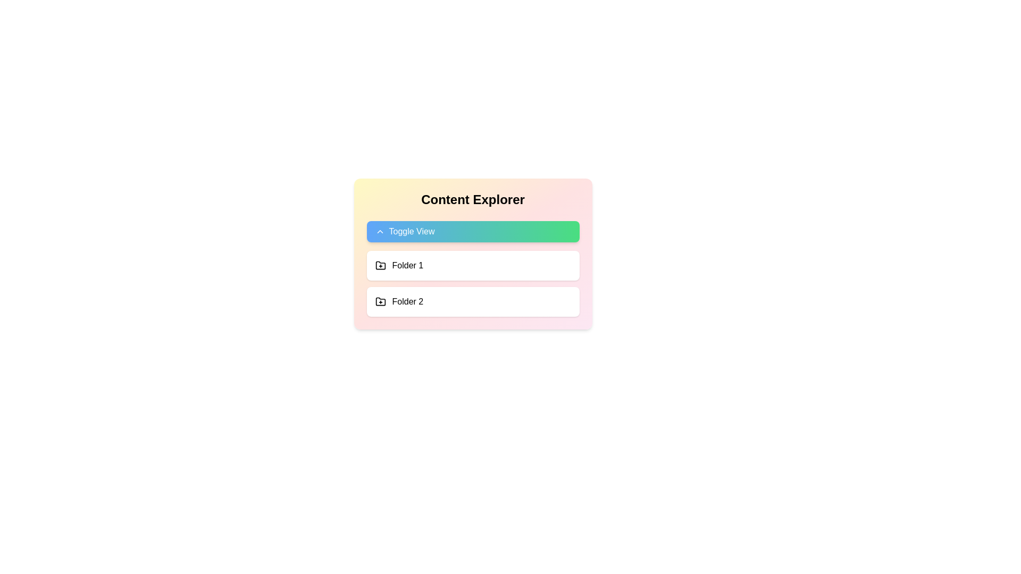  Describe the element at coordinates (380, 265) in the screenshot. I see `the folder icon element located beside the main entries under the Content Explorer panel` at that location.